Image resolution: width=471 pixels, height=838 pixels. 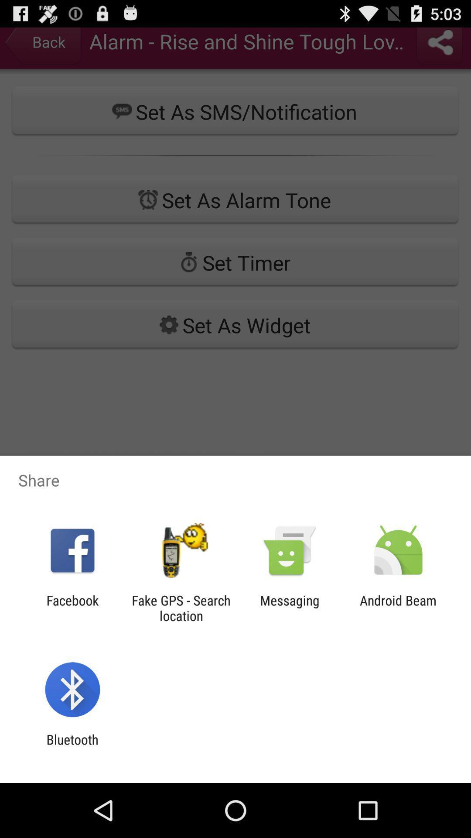 What do you see at coordinates (290, 608) in the screenshot?
I see `messaging item` at bounding box center [290, 608].